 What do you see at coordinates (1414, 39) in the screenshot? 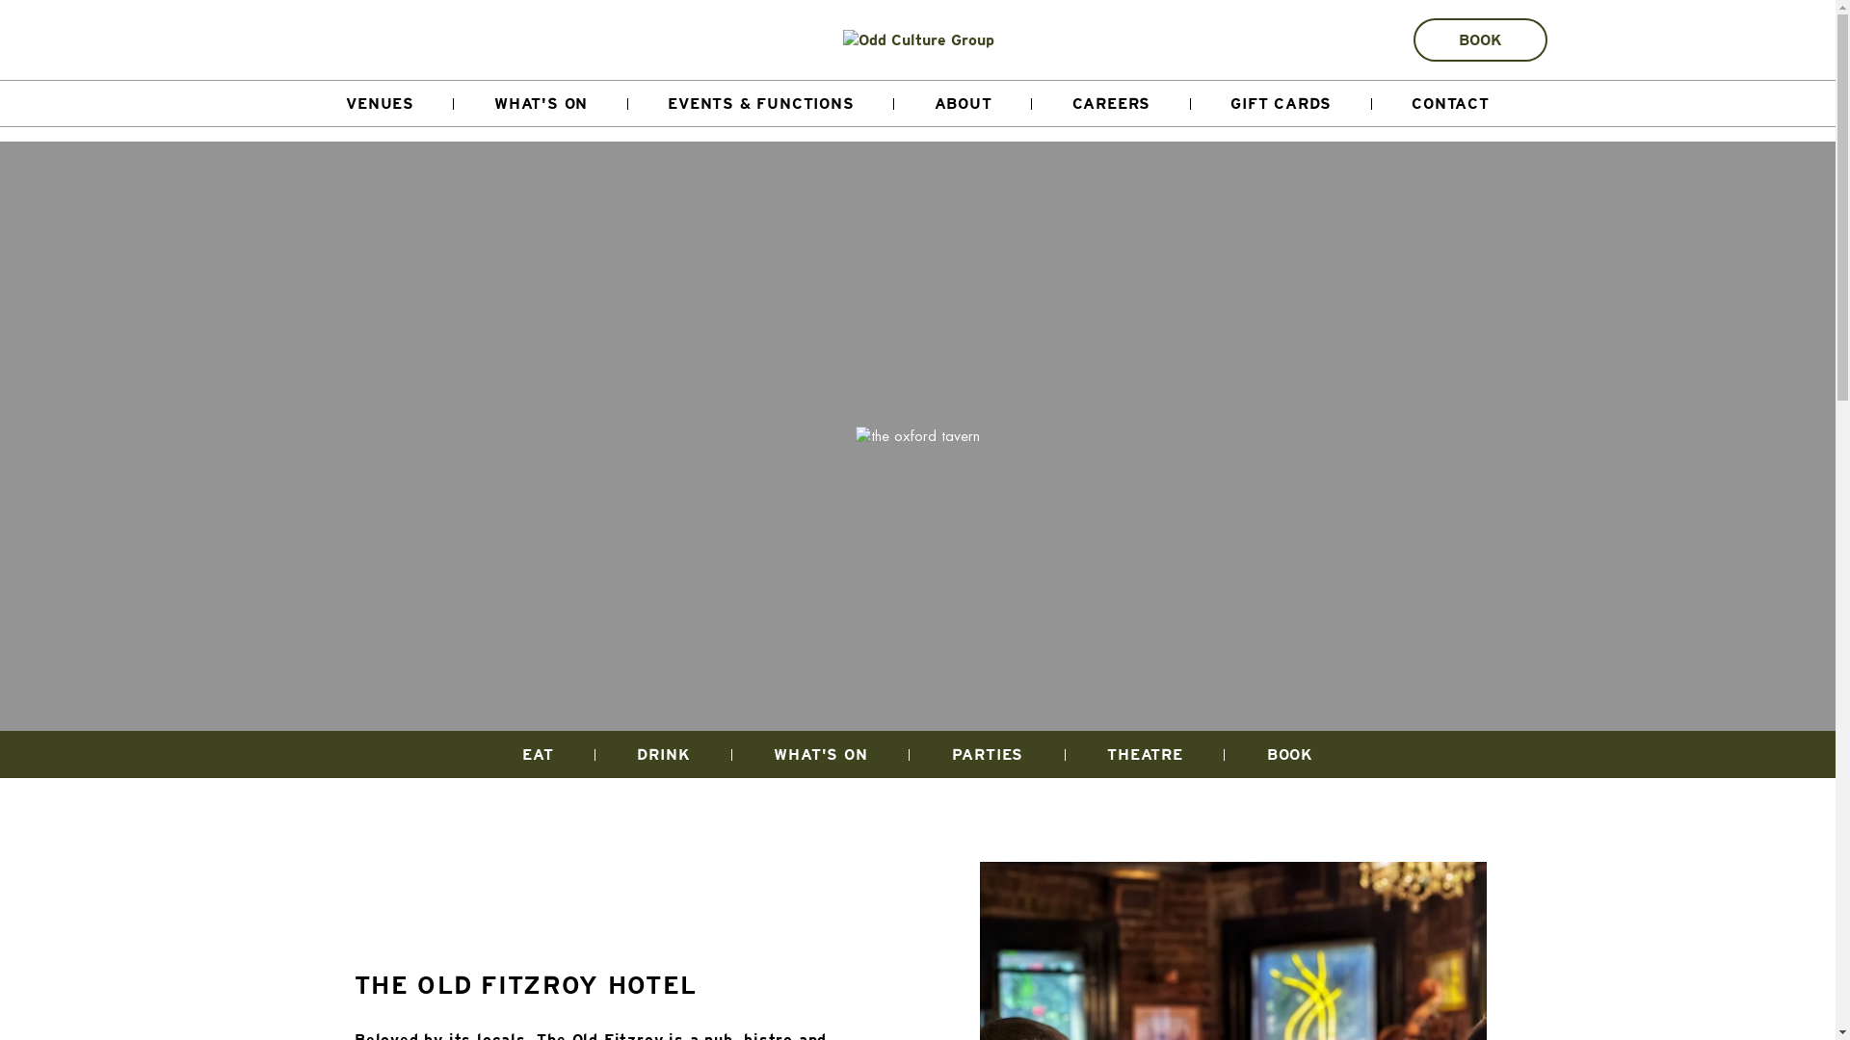
I see `'BOOK'` at bounding box center [1414, 39].